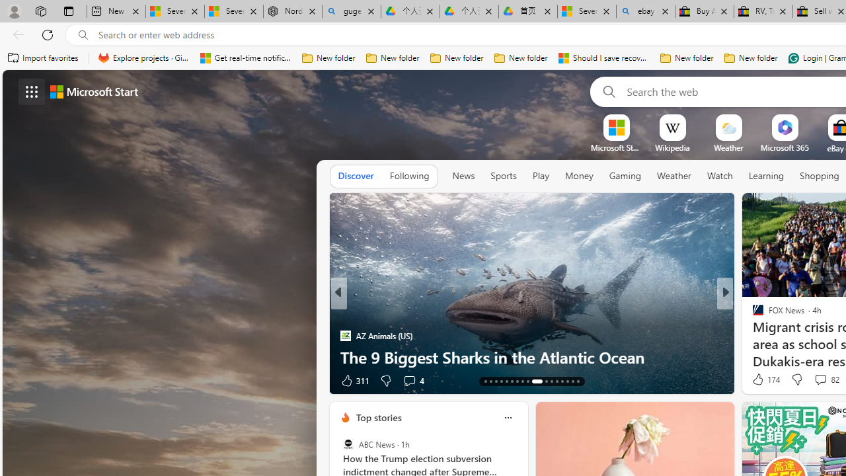 The width and height of the screenshot is (846, 476). What do you see at coordinates (502, 176) in the screenshot?
I see `'Sports'` at bounding box center [502, 176].